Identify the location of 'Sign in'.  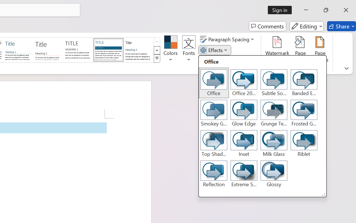
(282, 10).